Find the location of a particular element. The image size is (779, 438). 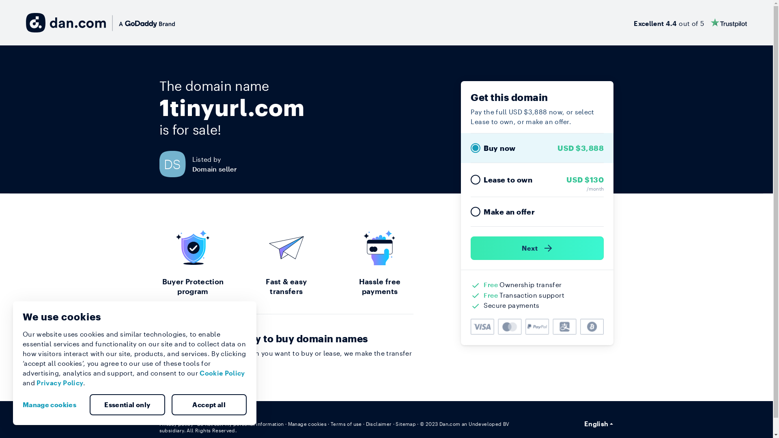

'Sitemap' is located at coordinates (405, 423).